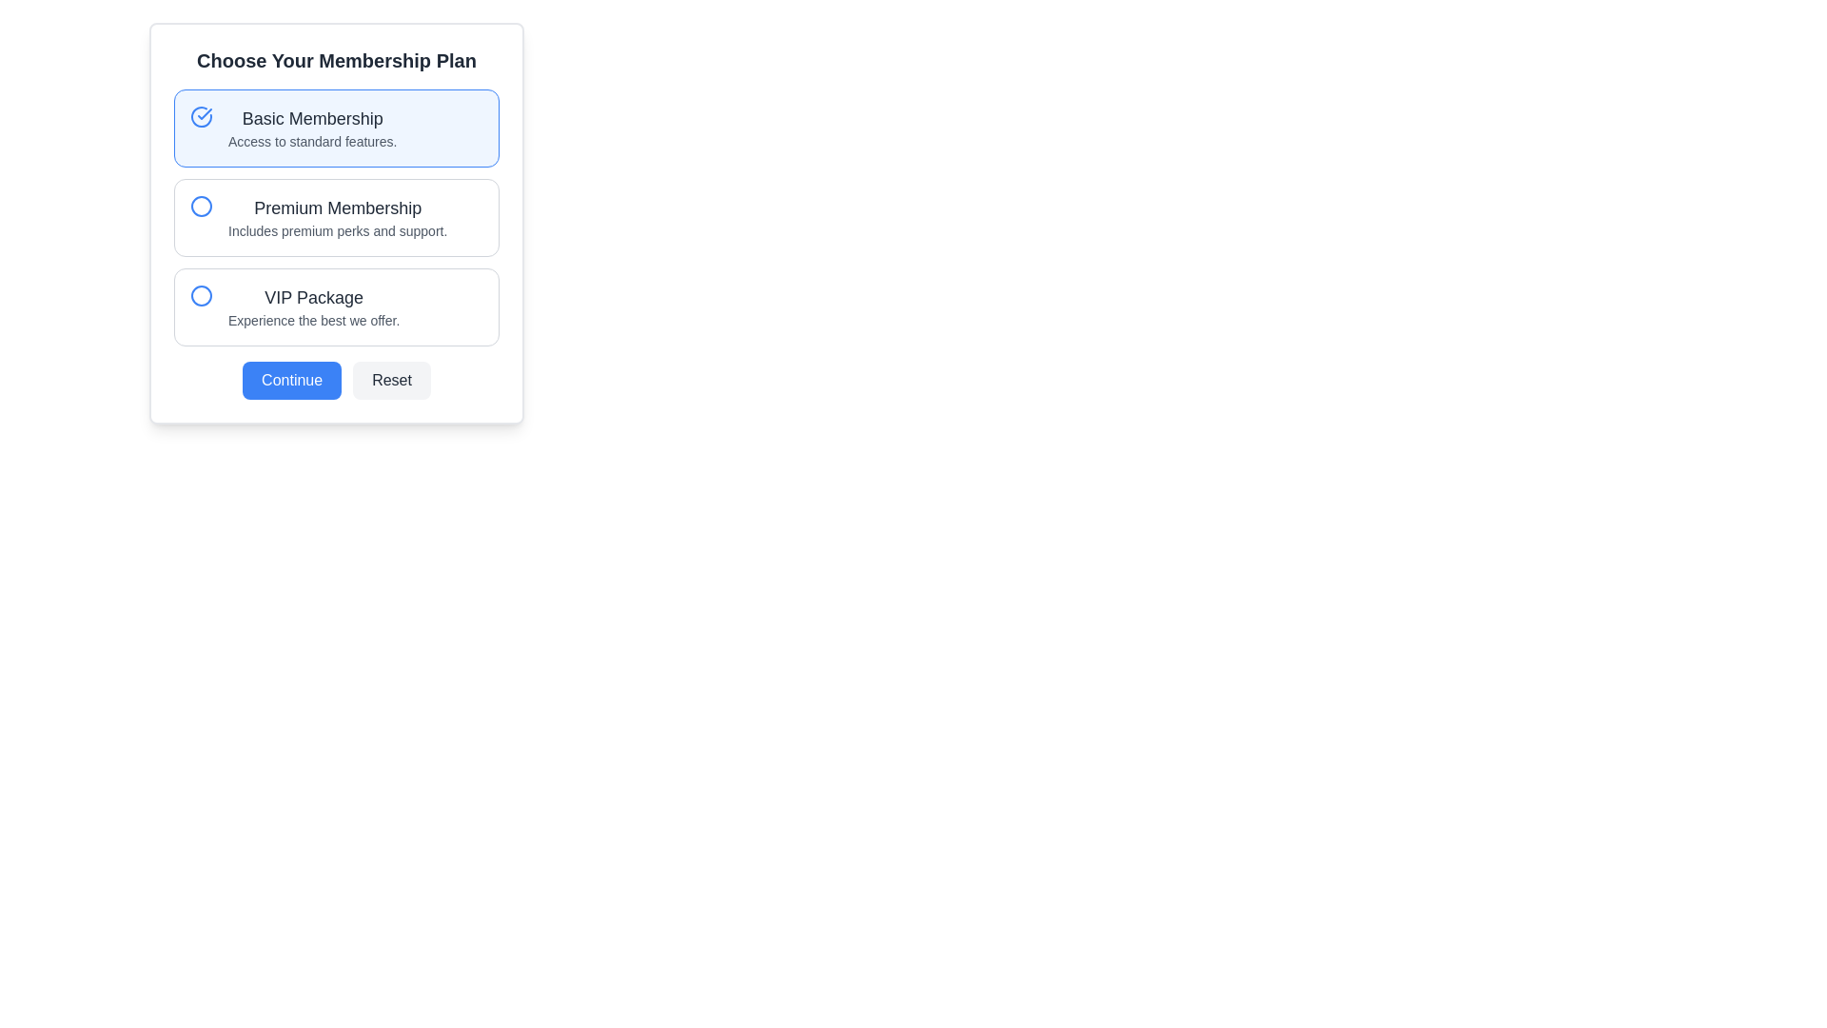 This screenshot has height=1028, width=1827. Describe the element at coordinates (338, 208) in the screenshot. I see `the Text Label that serves as a title for the Premium Membership option, located at the center-left of the membership selection area` at that location.